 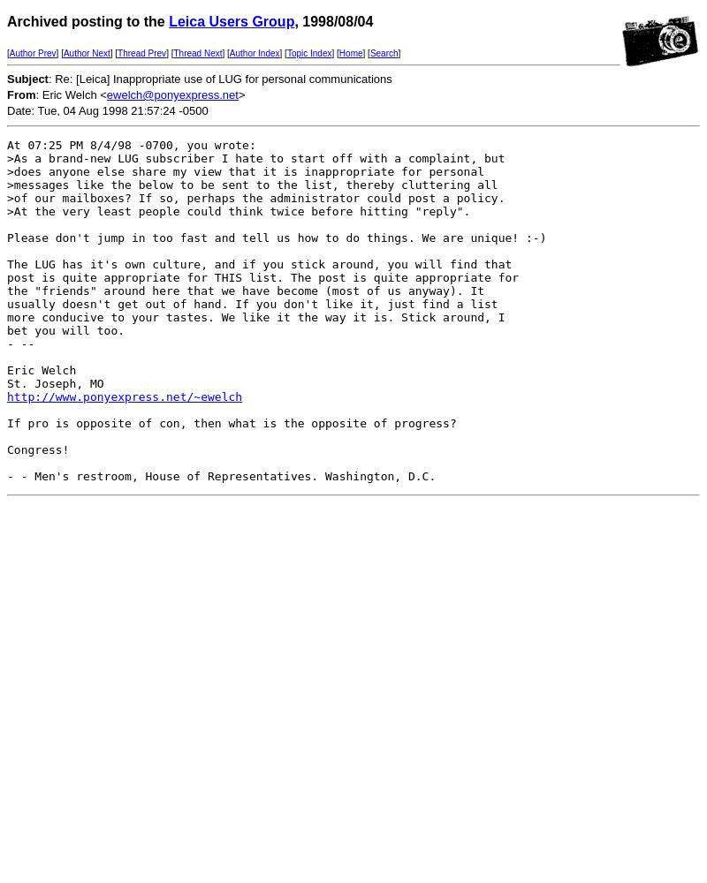 What do you see at coordinates (9, 53) in the screenshot?
I see `'Author Prev'` at bounding box center [9, 53].